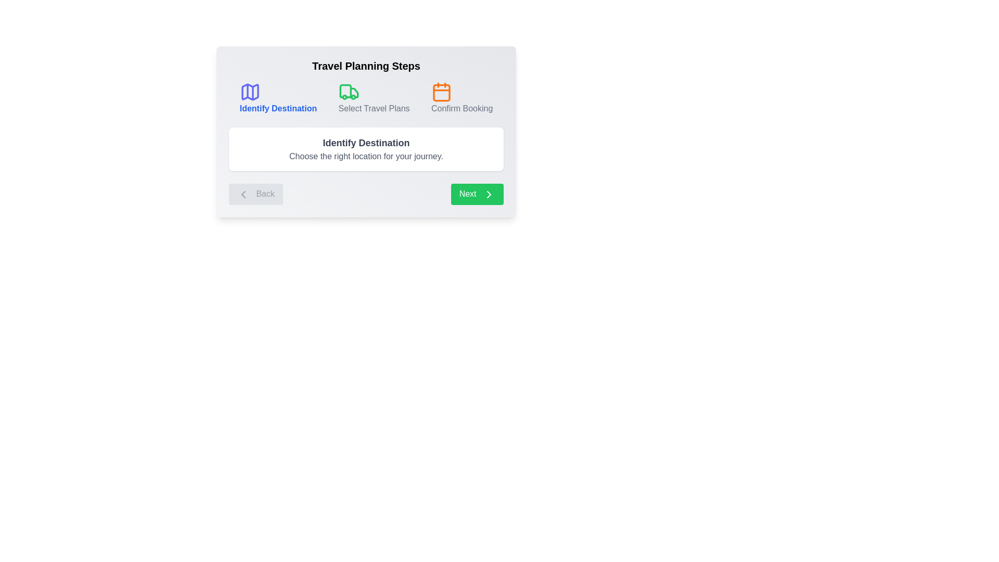 The width and height of the screenshot is (999, 562). Describe the element at coordinates (278, 108) in the screenshot. I see `text of the 'Identify Destination' label, which is prominently displayed in blue and located beneath a map icon in the navigation component` at that location.